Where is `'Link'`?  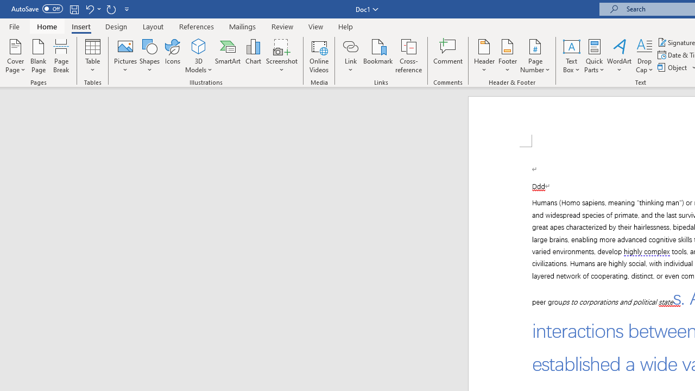
'Link' is located at coordinates (350, 46).